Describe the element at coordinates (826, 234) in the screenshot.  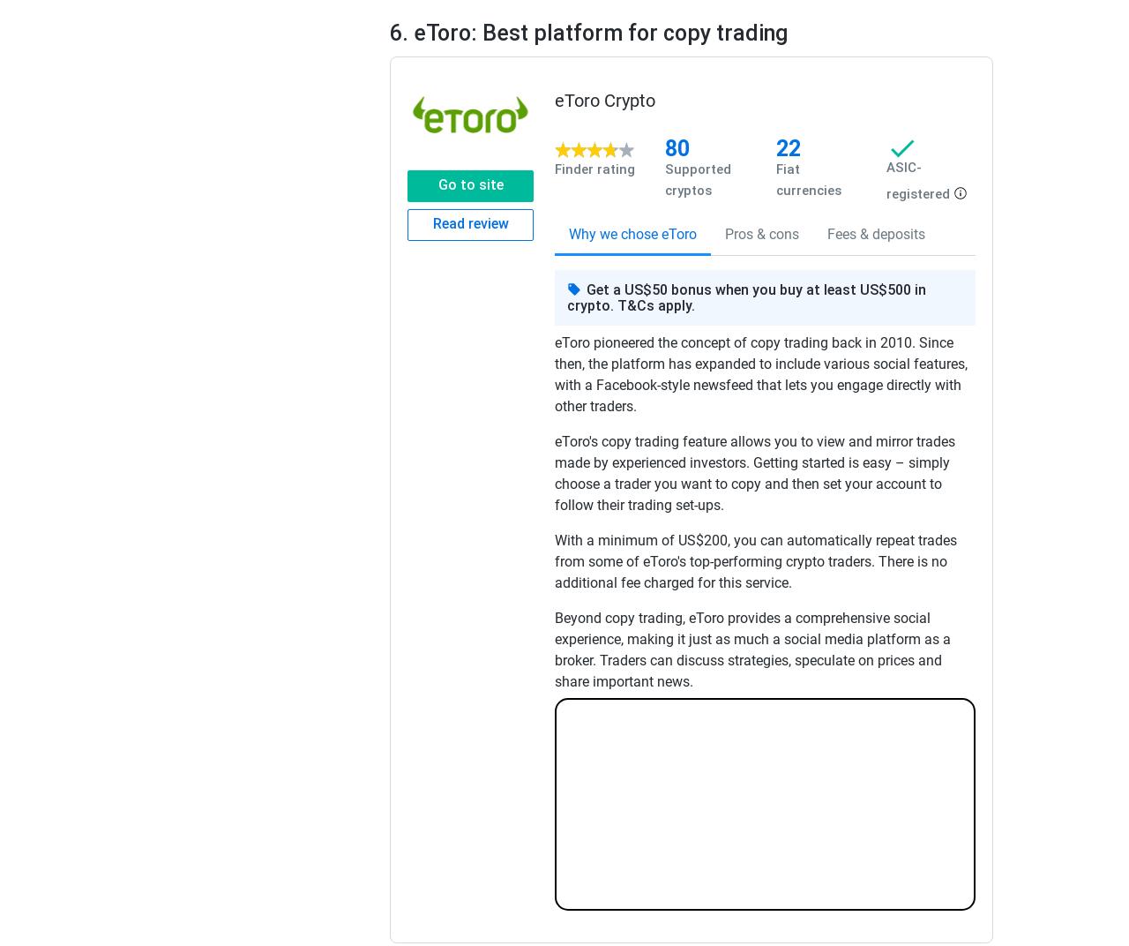
I see `'Fees & deposits'` at that location.